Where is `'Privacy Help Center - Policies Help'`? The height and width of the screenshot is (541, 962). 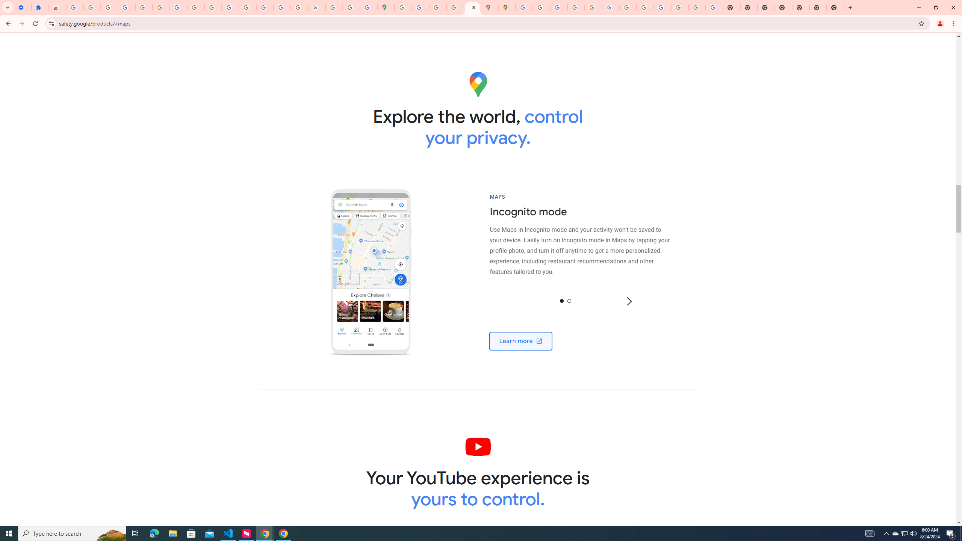
'Privacy Help Center - Policies Help' is located at coordinates (558, 7).